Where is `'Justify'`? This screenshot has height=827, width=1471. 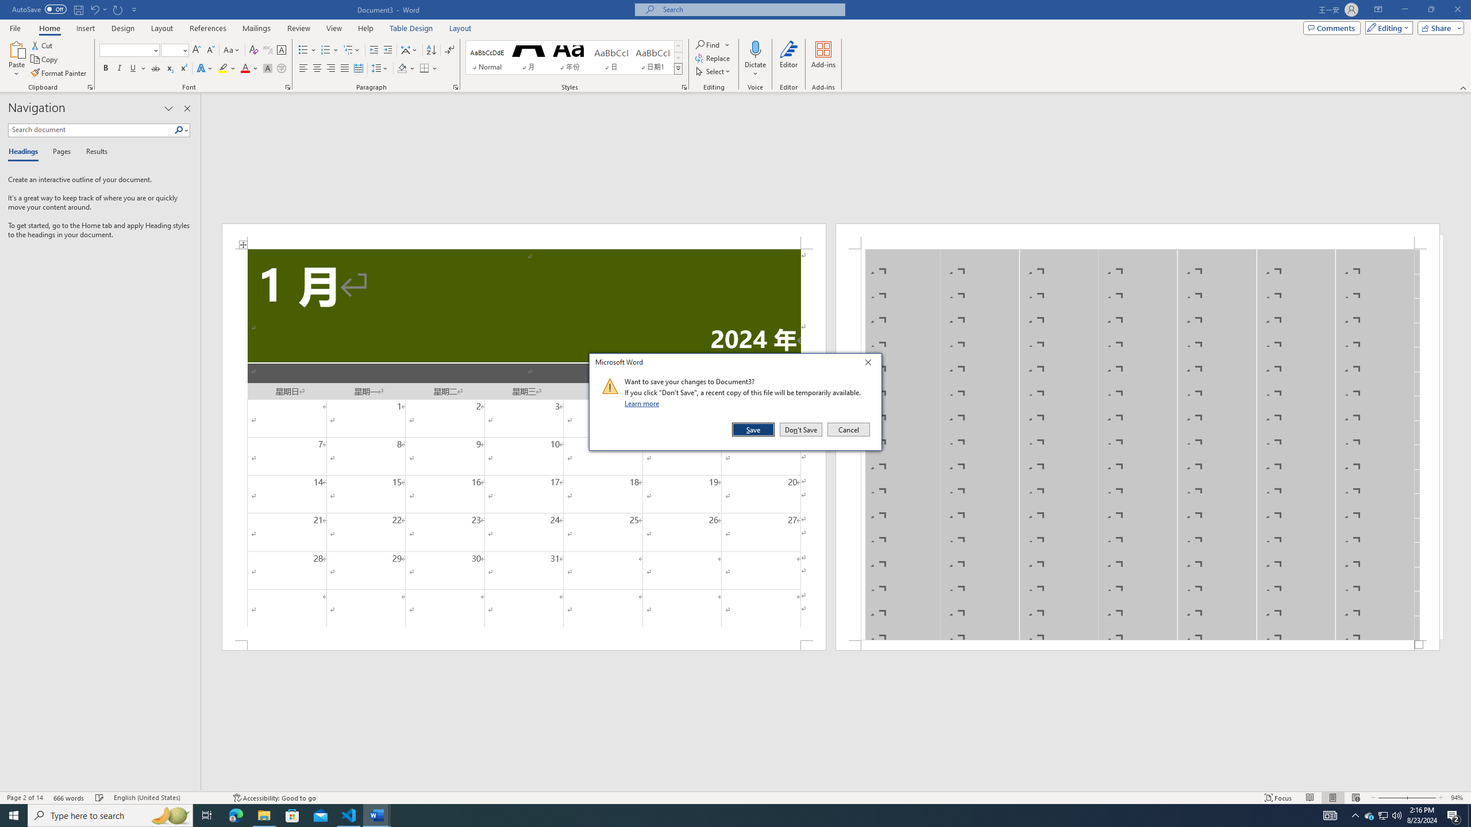
'Justify' is located at coordinates (344, 68).